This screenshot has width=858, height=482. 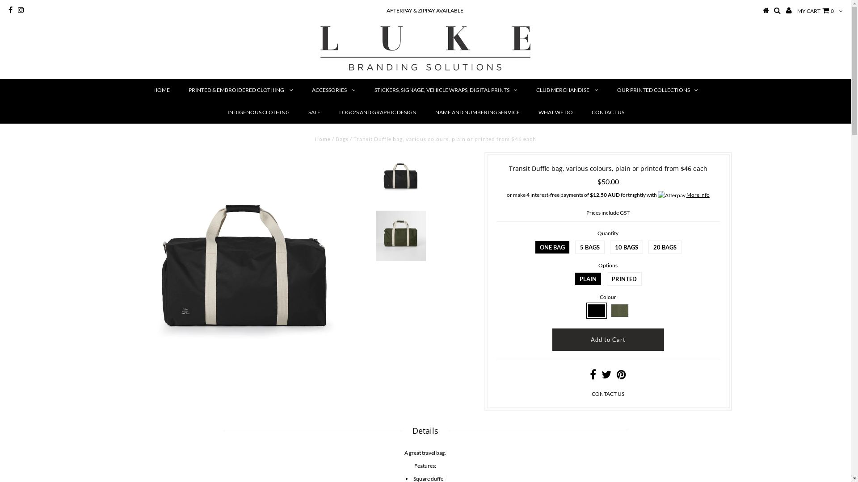 What do you see at coordinates (179, 90) in the screenshot?
I see `'PRINTED & EMBROIDERED CLOTHING'` at bounding box center [179, 90].